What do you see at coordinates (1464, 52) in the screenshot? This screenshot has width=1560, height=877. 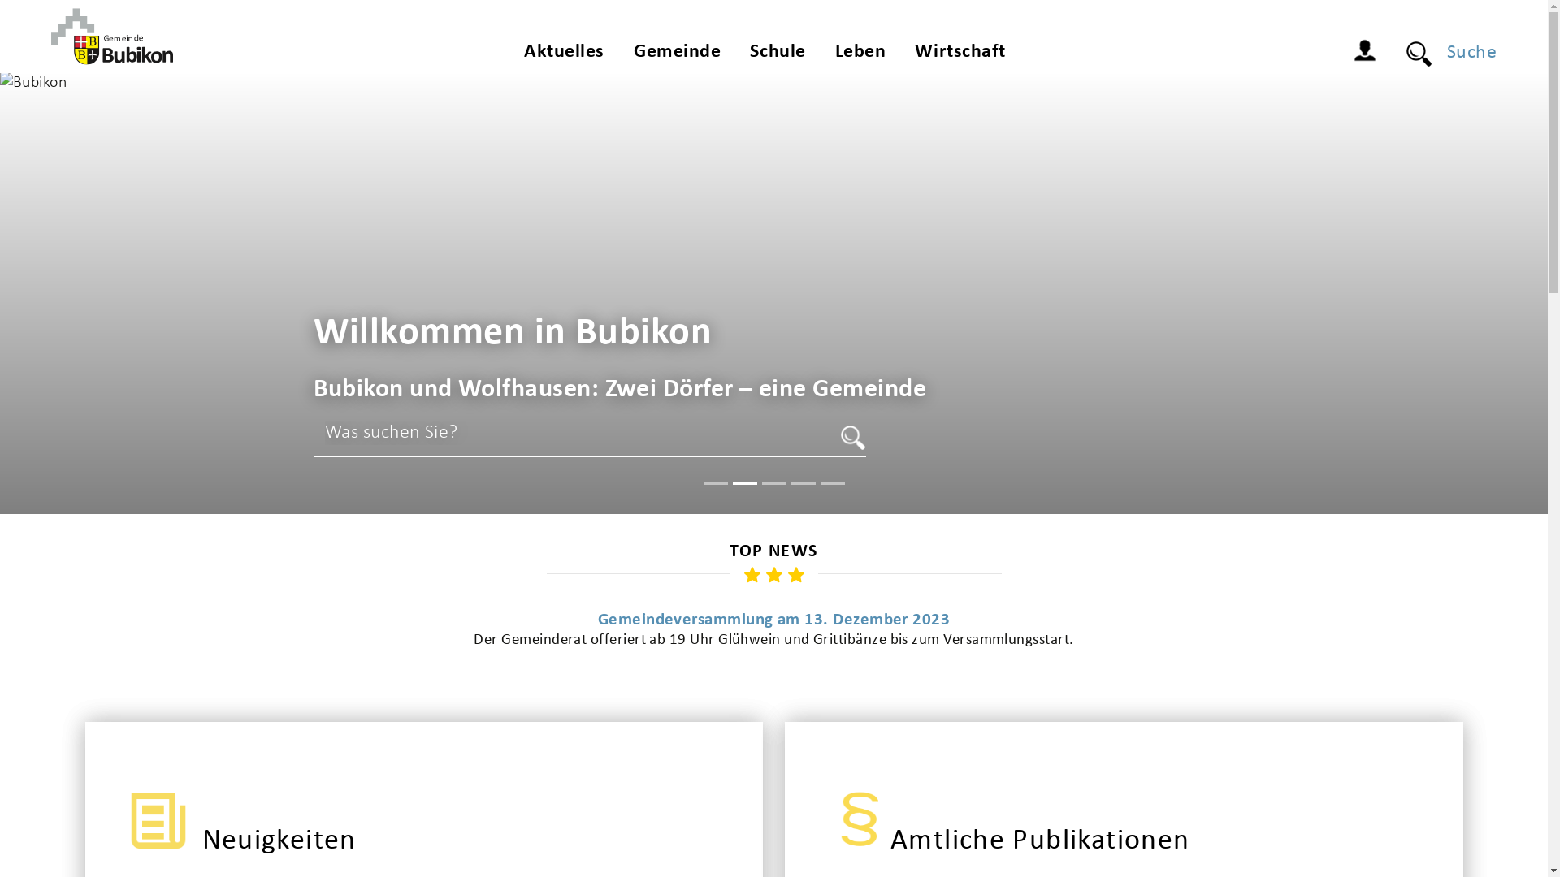 I see `'Suche'` at bounding box center [1464, 52].